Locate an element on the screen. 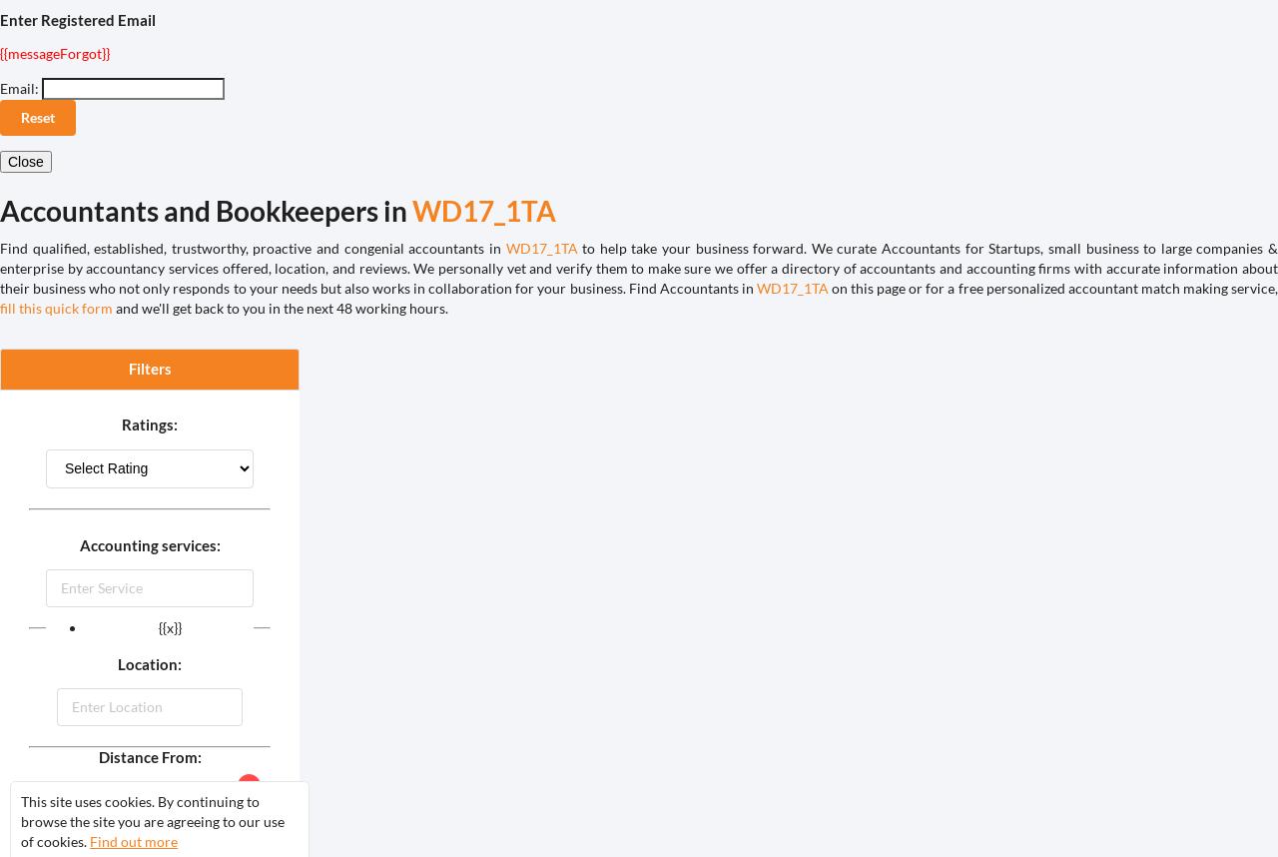 Image resolution: width=1278 pixels, height=857 pixels. 'Filters' is located at coordinates (127, 369).